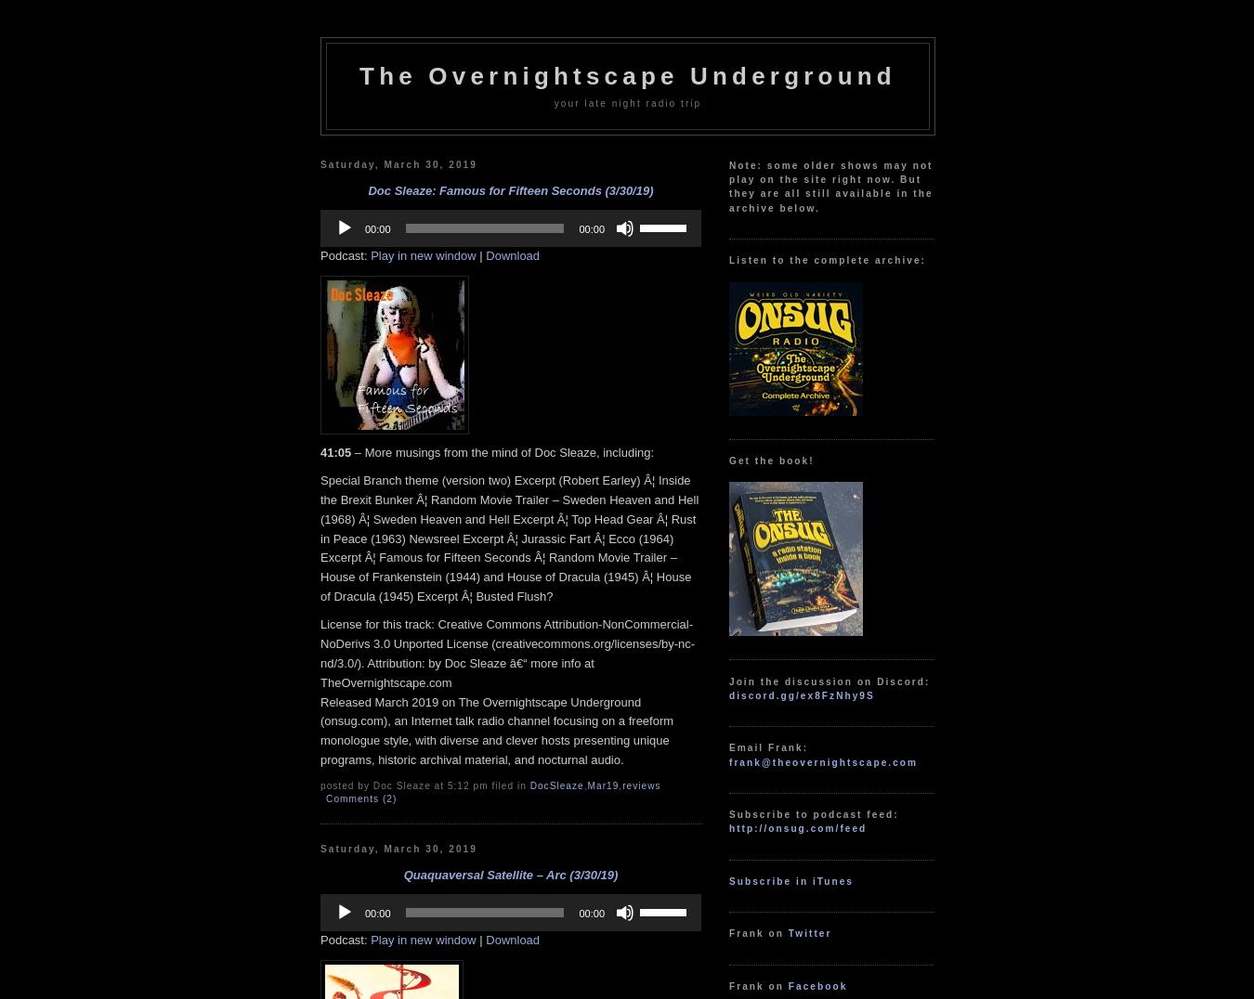  What do you see at coordinates (771, 460) in the screenshot?
I see `'Get the book!'` at bounding box center [771, 460].